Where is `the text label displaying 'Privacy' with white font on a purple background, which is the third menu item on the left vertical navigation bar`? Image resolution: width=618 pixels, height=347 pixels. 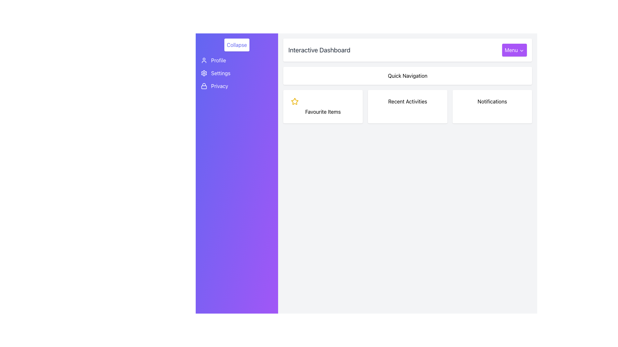
the text label displaying 'Privacy' with white font on a purple background, which is the third menu item on the left vertical navigation bar is located at coordinates (220, 85).